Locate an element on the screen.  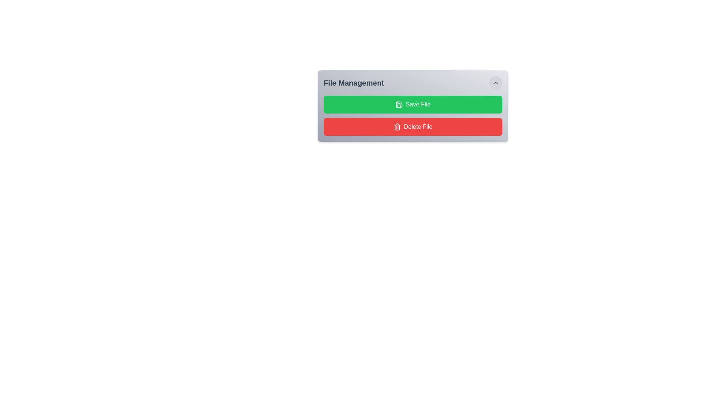
the save icon located inside the green 'Save File' button in the 'File Management' section is located at coordinates (398, 105).